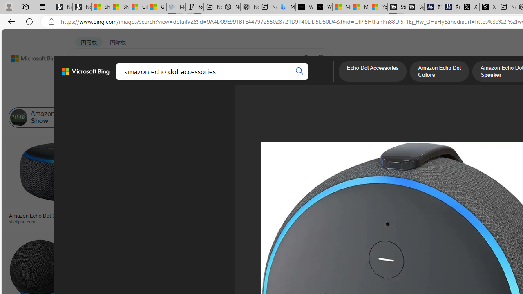  What do you see at coordinates (439, 72) in the screenshot?
I see `'Amazon Echo Dot Colors'` at bounding box center [439, 72].